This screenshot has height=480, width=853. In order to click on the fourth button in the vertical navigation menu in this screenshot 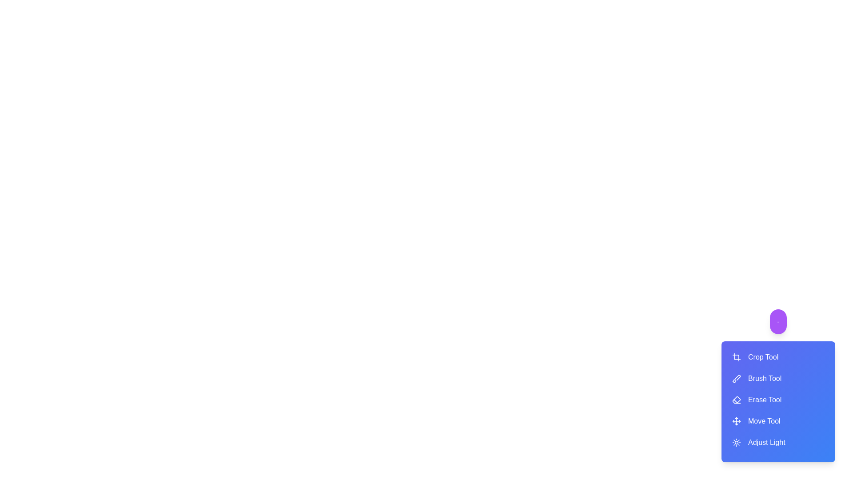, I will do `click(778, 421)`.